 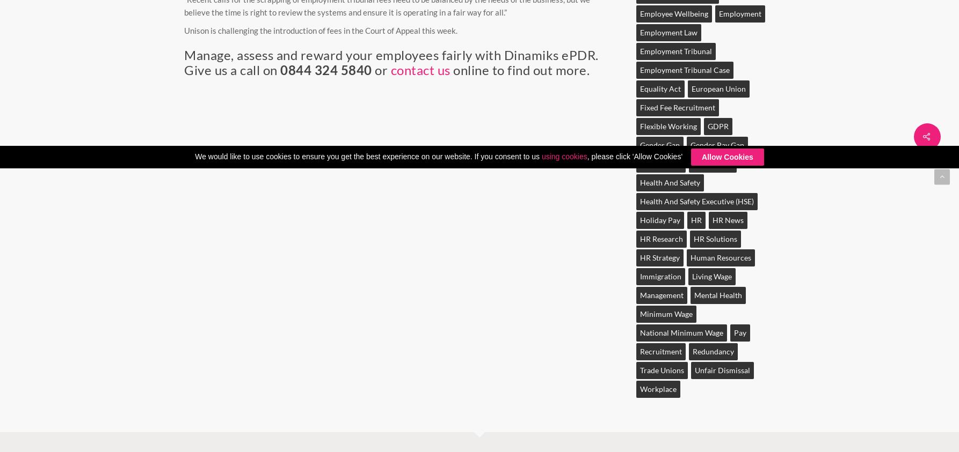 What do you see at coordinates (659, 88) in the screenshot?
I see `'Equality Act'` at bounding box center [659, 88].